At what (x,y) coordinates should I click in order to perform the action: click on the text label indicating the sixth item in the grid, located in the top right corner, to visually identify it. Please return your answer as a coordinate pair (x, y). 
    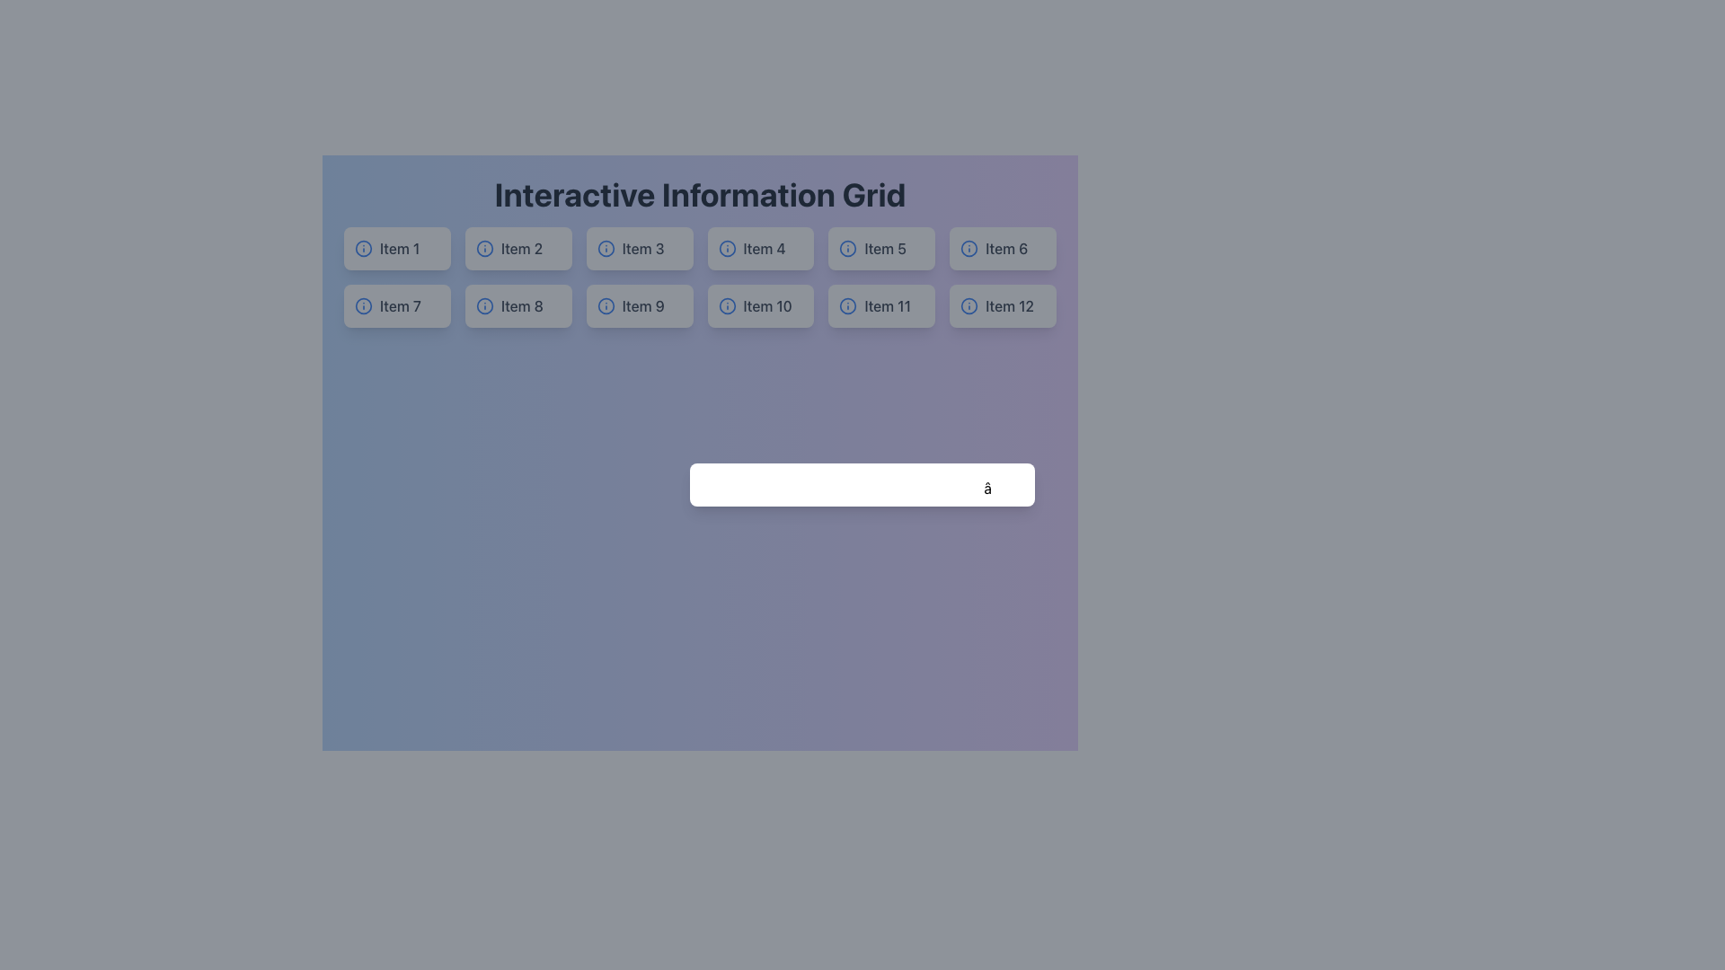
    Looking at the image, I should click on (1006, 249).